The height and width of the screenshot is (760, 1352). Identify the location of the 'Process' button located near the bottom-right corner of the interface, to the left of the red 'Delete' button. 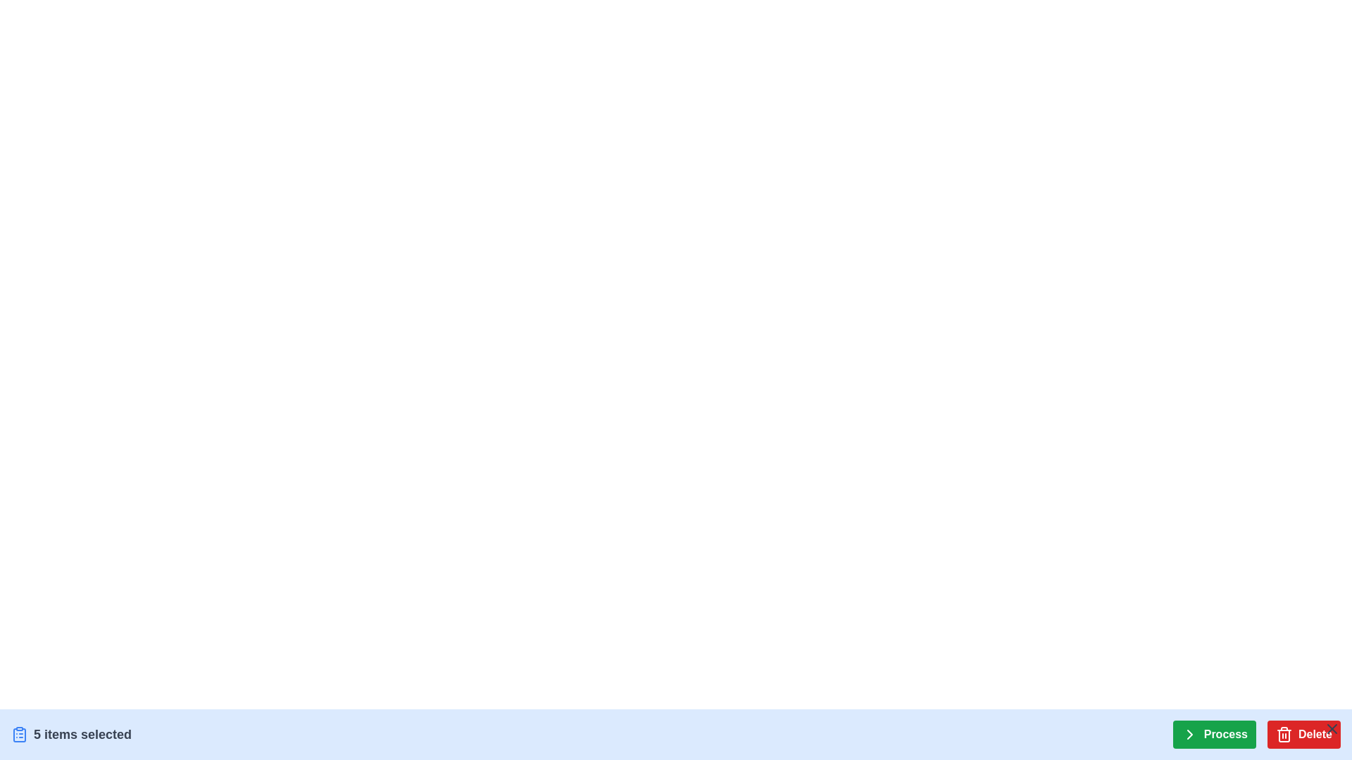
(1213, 734).